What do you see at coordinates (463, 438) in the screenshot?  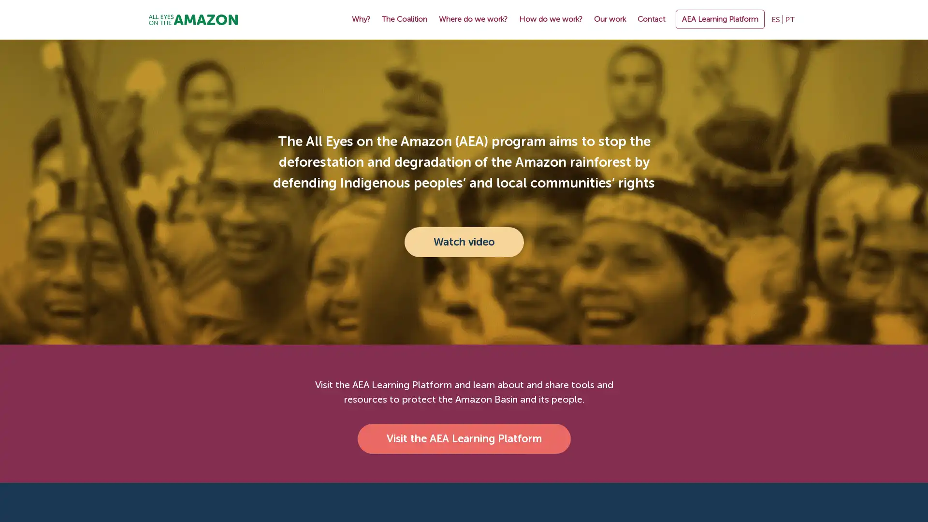 I see `Visit the AEA Learning Platform` at bounding box center [463, 438].